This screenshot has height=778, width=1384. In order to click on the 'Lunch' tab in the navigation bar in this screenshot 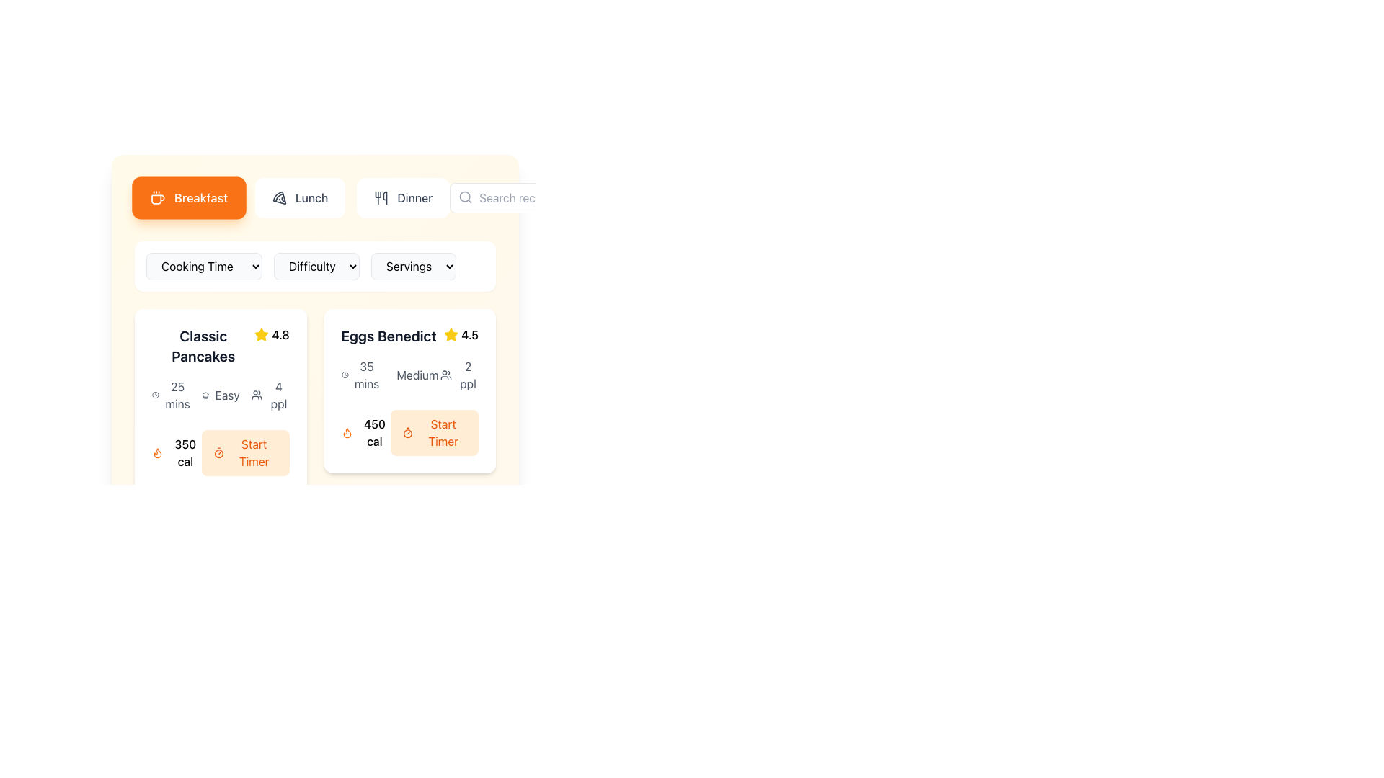, I will do `click(291, 197)`.